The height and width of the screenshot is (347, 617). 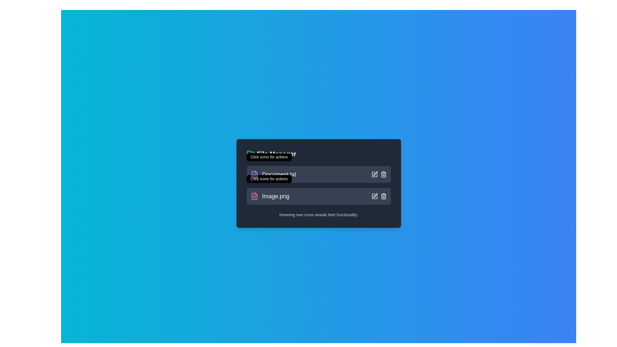 I want to click on the edit icon button located in the top-right corner of the file entry labeled 'Image.png' to initiate editing, so click(x=374, y=196).